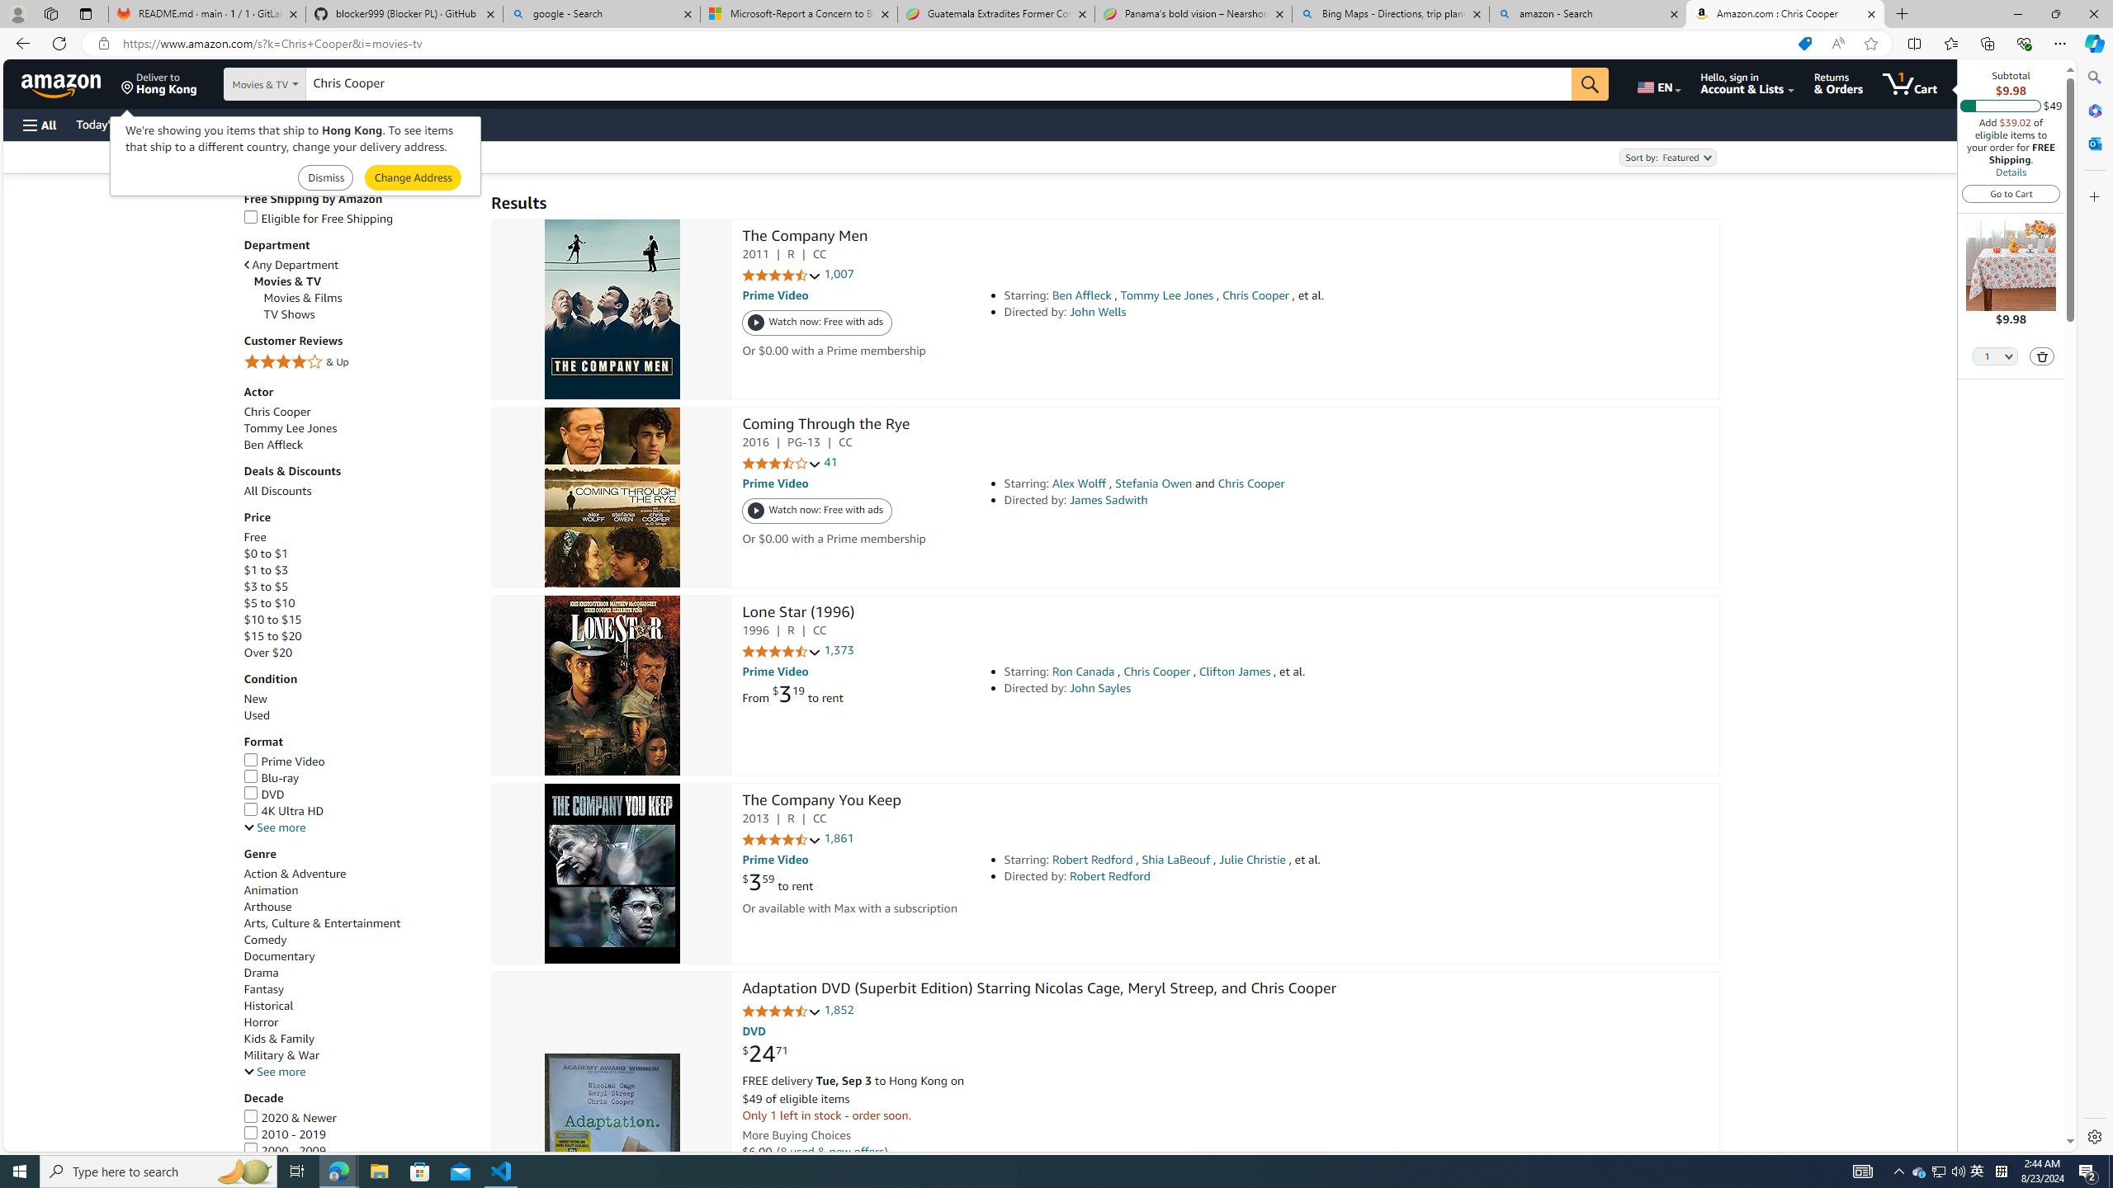  Describe the element at coordinates (1747, 82) in the screenshot. I see `'Hello, sign in Account & Lists'` at that location.